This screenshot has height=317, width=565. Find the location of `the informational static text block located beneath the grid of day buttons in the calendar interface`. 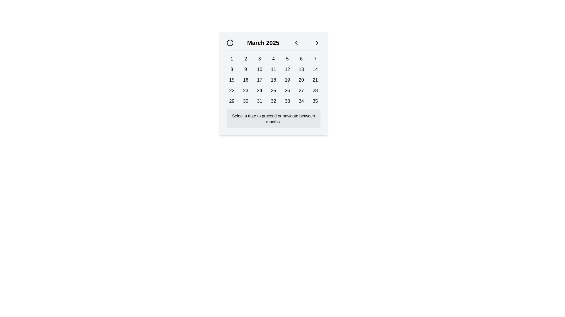

the informational static text block located beneath the grid of day buttons in the calendar interface is located at coordinates (273, 119).